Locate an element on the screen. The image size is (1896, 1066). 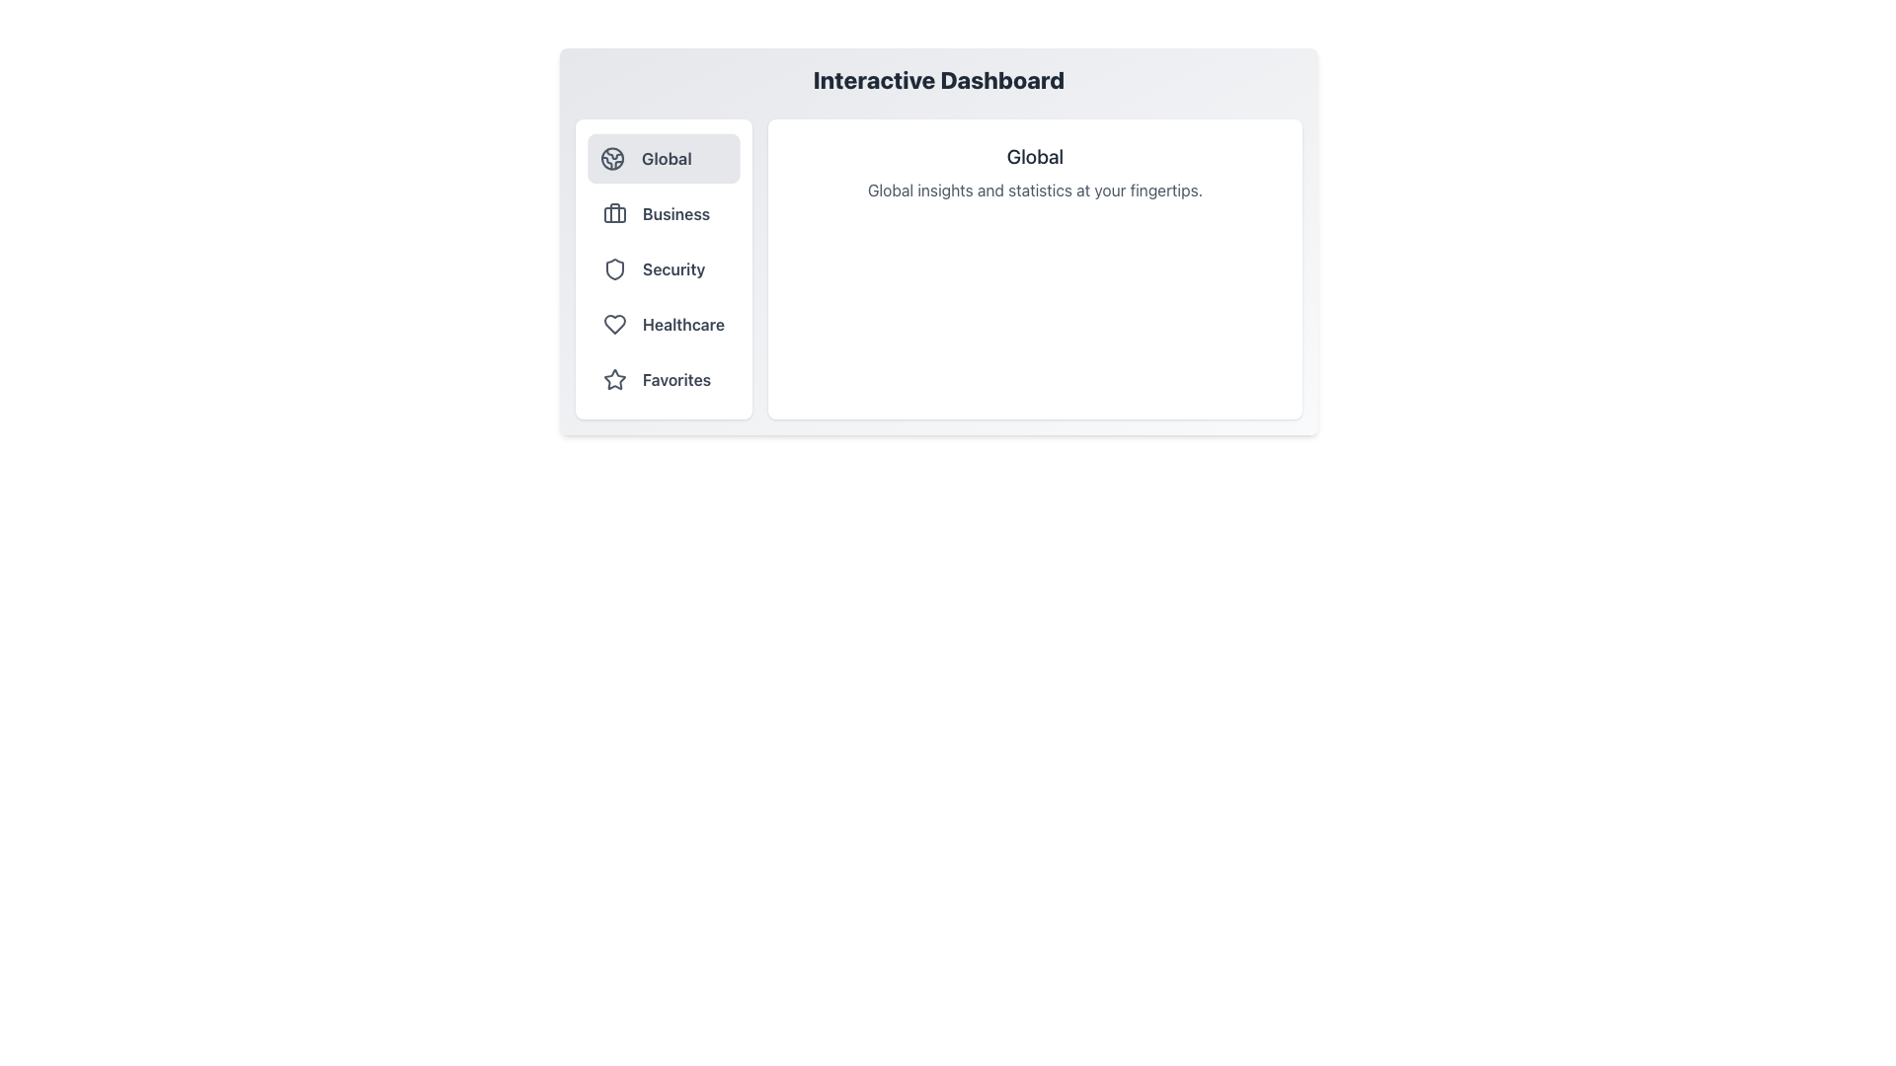
the 'Global' button, which is the first button in the vertical list of five buttons in the side navigation panel is located at coordinates (664, 158).